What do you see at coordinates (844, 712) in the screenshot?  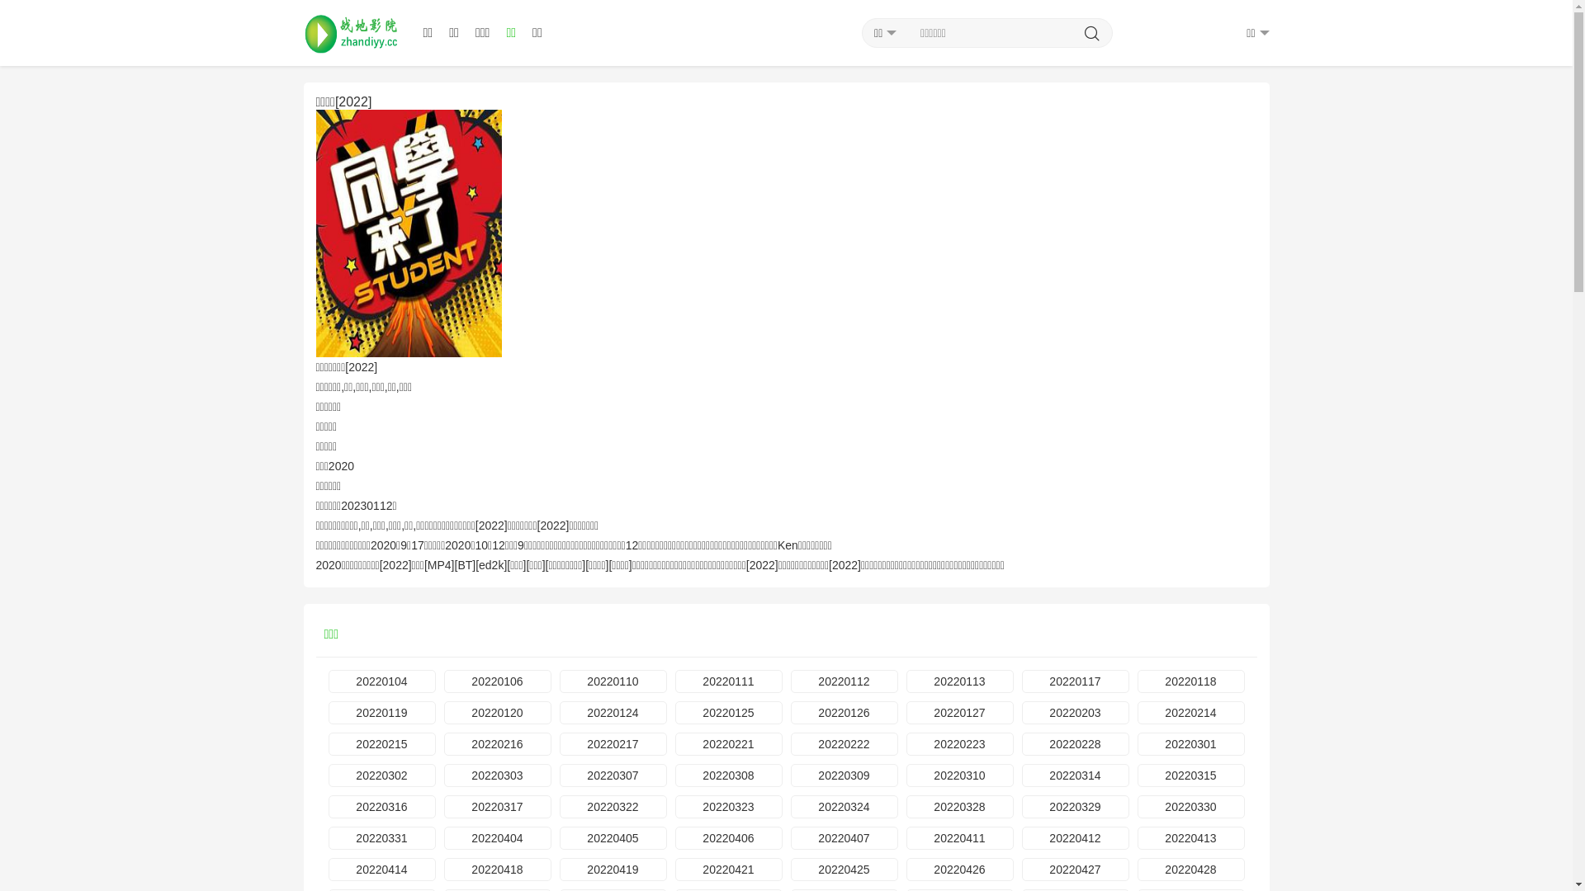 I see `'20220126'` at bounding box center [844, 712].